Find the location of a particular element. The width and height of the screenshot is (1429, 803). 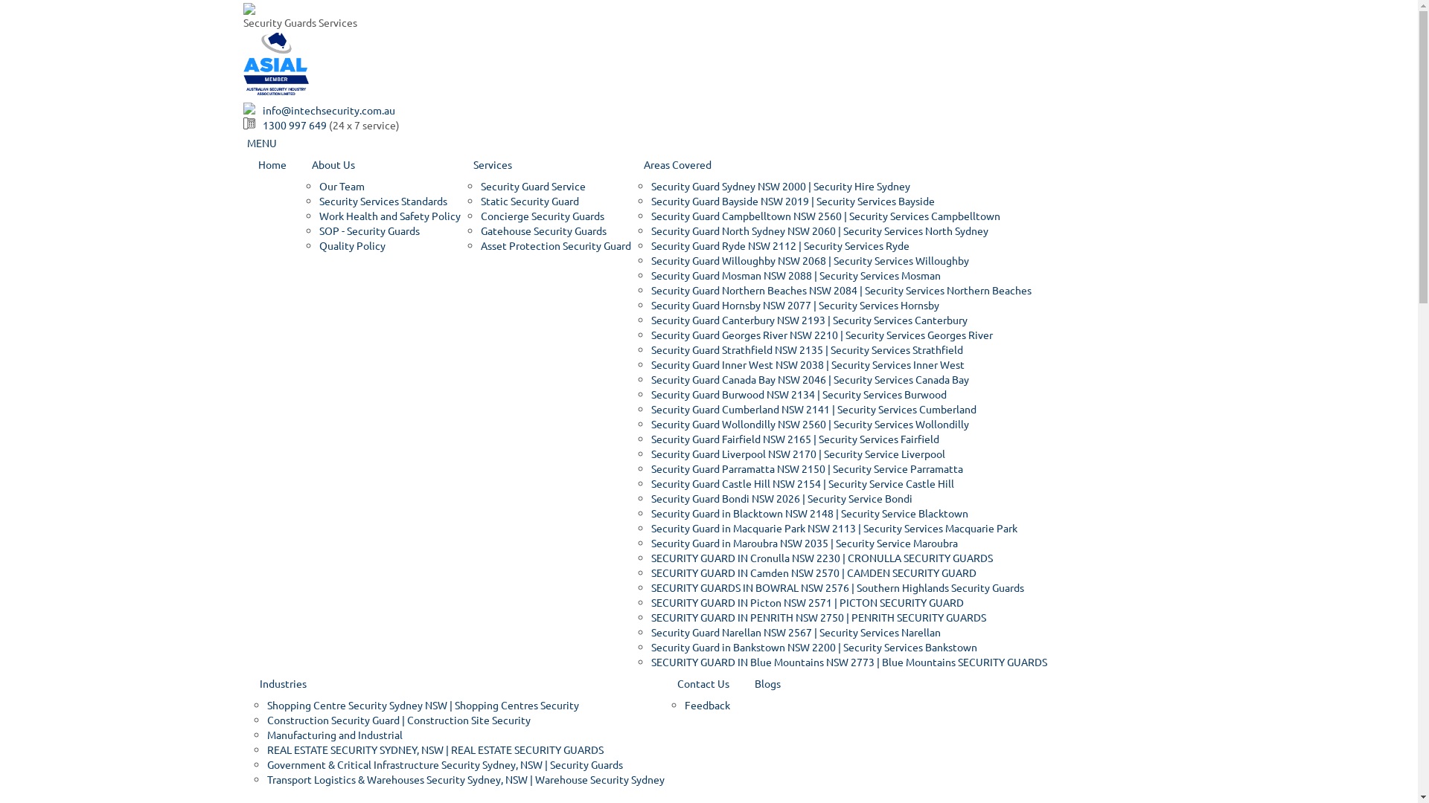

'Our Team' is located at coordinates (340, 185).